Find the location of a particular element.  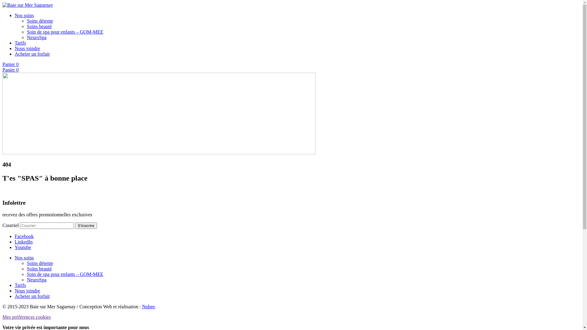

'Tarifs' is located at coordinates (15, 285).